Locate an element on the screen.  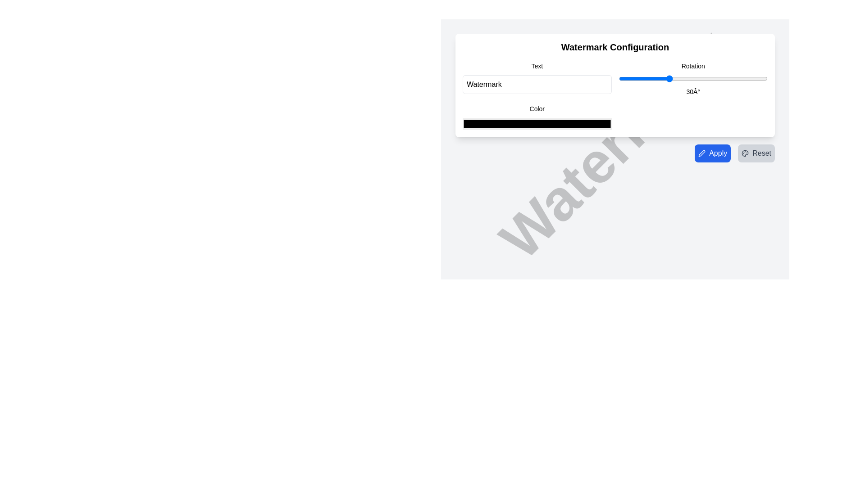
the 'Reset' button with a light gray background and a palette icon, located in the 'Watermark Configuration' dialog box is located at coordinates (756, 153).